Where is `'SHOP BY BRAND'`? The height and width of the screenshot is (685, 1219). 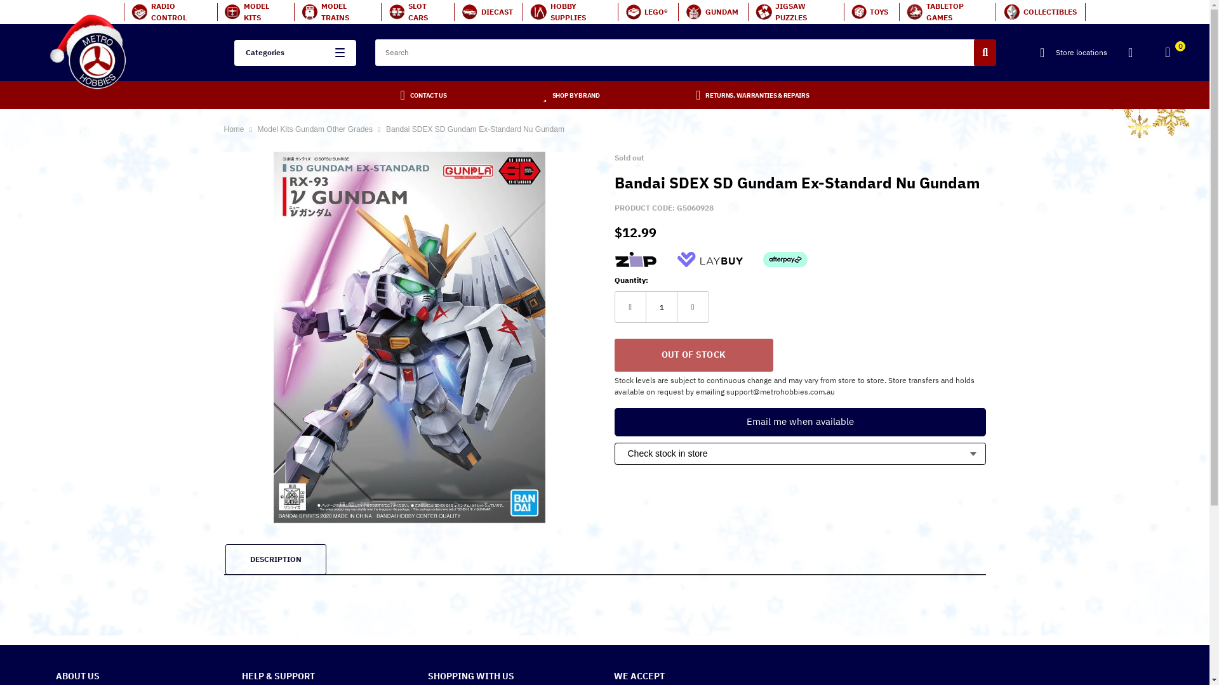
'SHOP BY BRAND' is located at coordinates (575, 94).